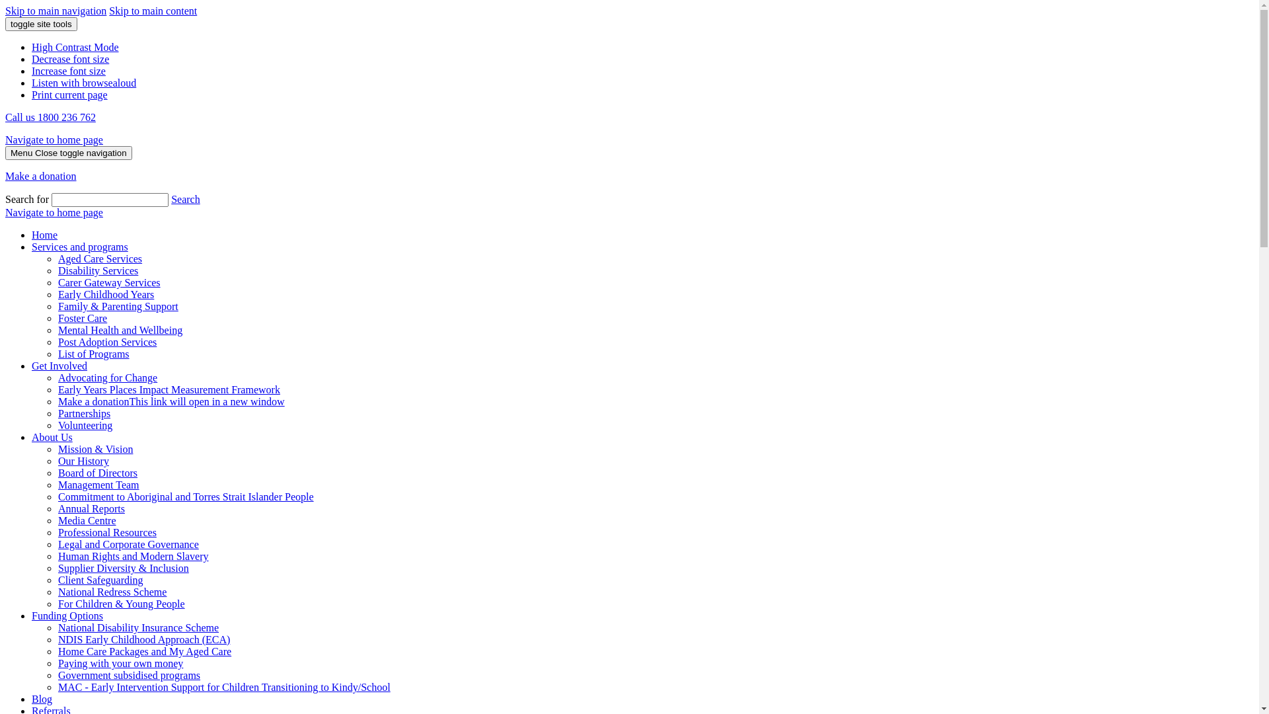  Describe the element at coordinates (32, 366) in the screenshot. I see `'Get Involved'` at that location.